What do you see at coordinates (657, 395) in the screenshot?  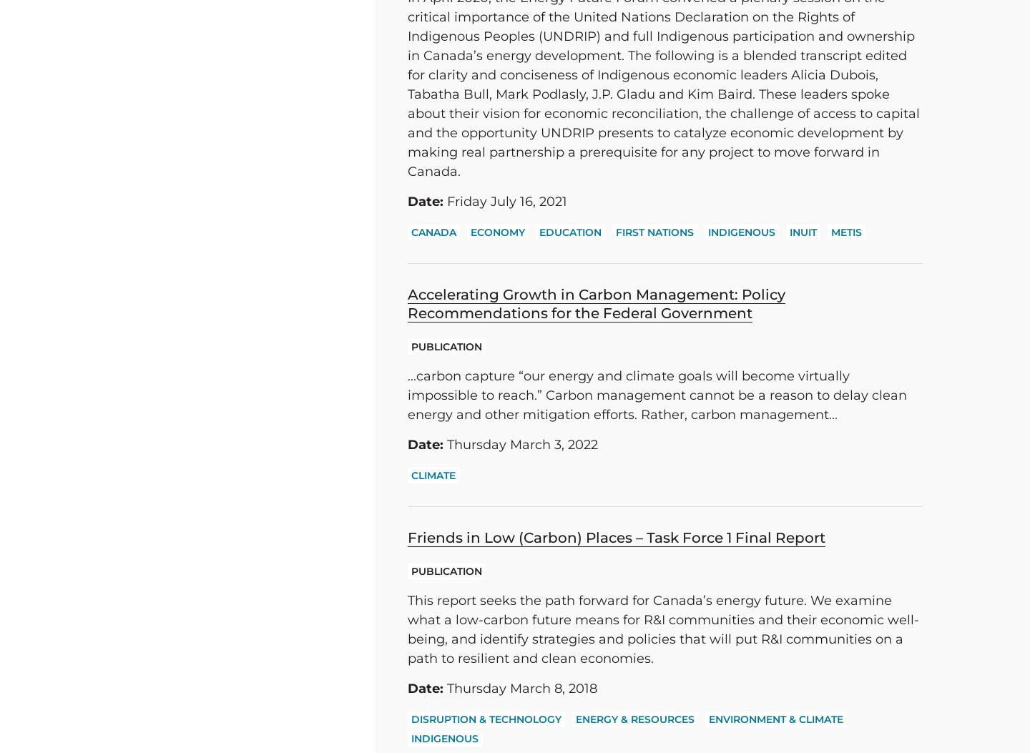 I see `'...carbon capture “our energy and climate goals will become virtually impossible to reach.” Carbon management cannot be a reason to delay clean energy and other mitigation efforts. Rather, carbon management...'` at bounding box center [657, 395].